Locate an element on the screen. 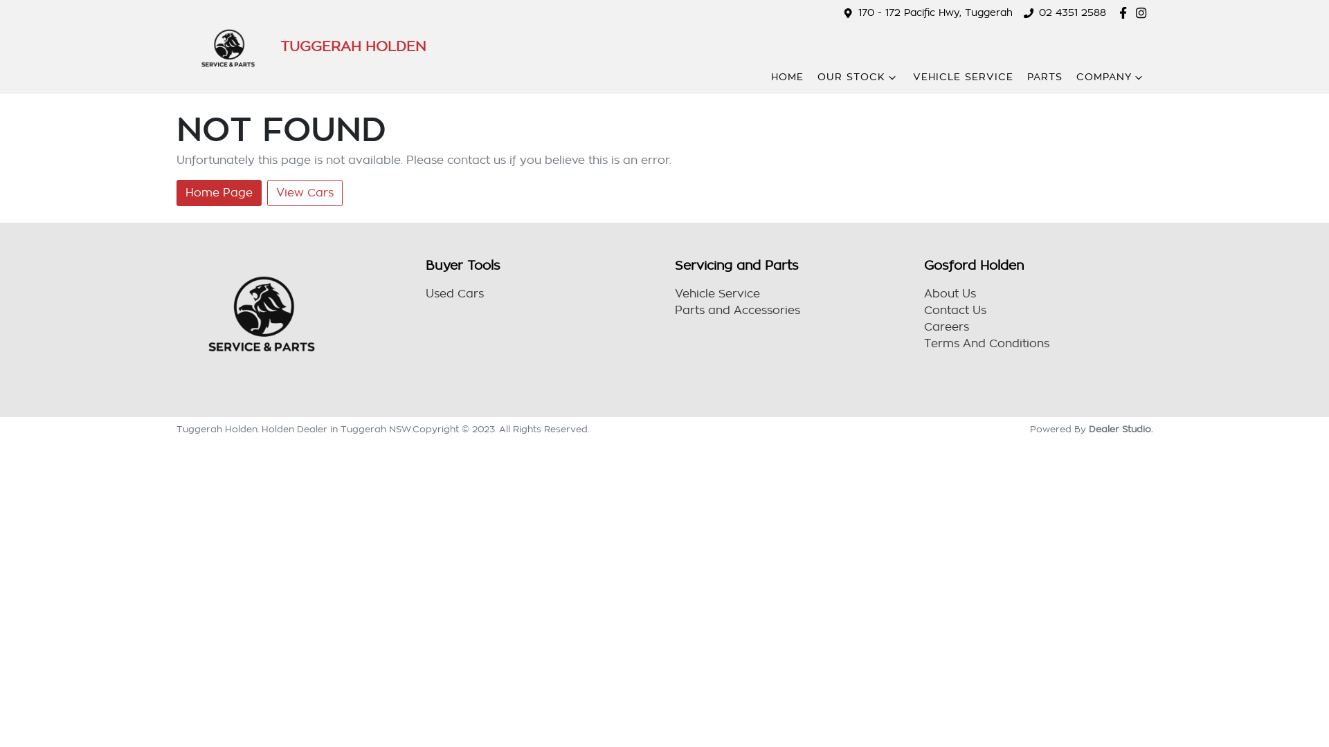 This screenshot has height=747, width=1329. '170 - 172 Pacific Hwy, Tuggerah' is located at coordinates (935, 12).